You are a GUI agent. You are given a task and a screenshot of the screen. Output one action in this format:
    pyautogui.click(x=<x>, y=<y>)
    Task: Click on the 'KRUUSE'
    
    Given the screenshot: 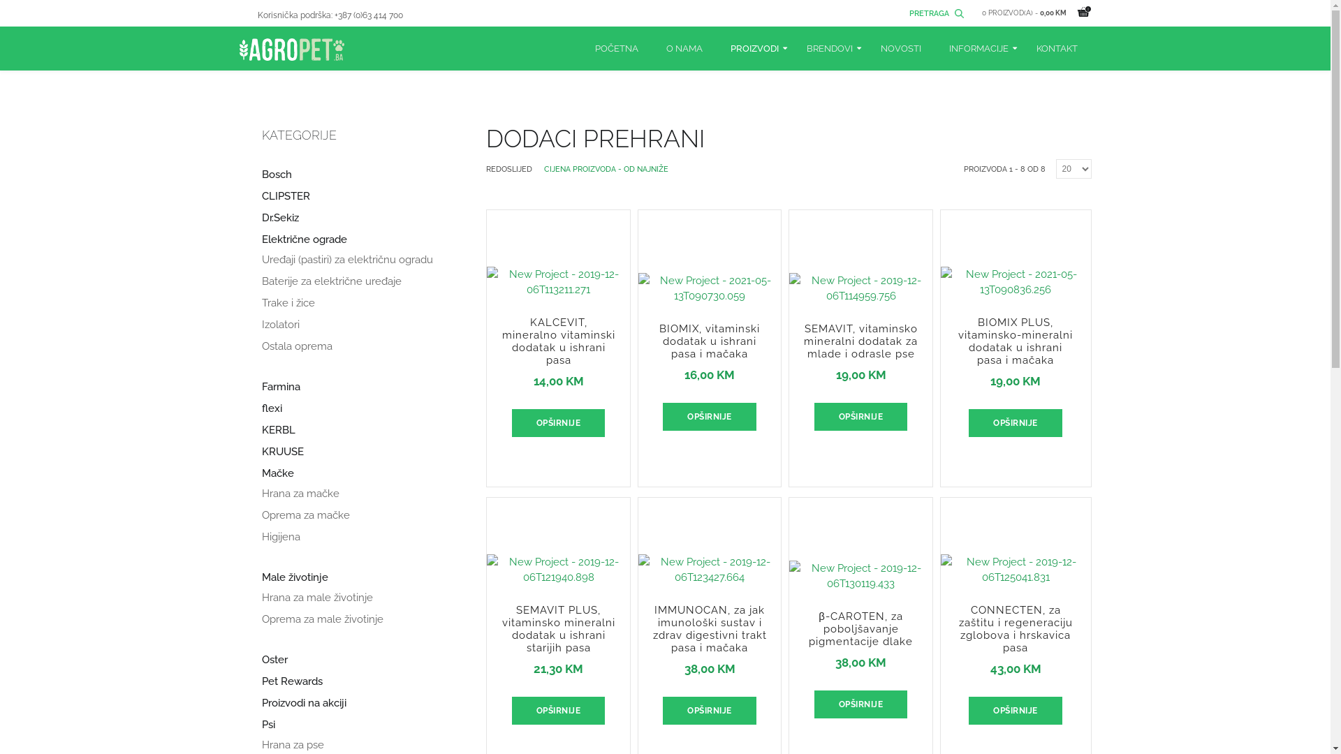 What is the action you would take?
    pyautogui.click(x=281, y=452)
    